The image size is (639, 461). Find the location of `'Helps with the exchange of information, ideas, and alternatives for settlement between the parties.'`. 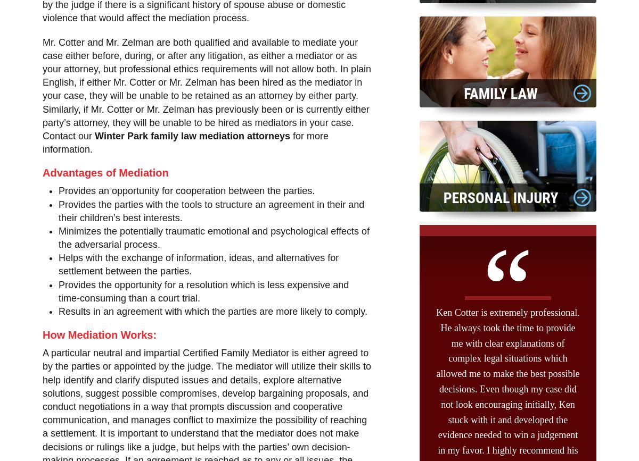

'Helps with the exchange of information, ideas, and alternatives for settlement between the parties.' is located at coordinates (198, 264).